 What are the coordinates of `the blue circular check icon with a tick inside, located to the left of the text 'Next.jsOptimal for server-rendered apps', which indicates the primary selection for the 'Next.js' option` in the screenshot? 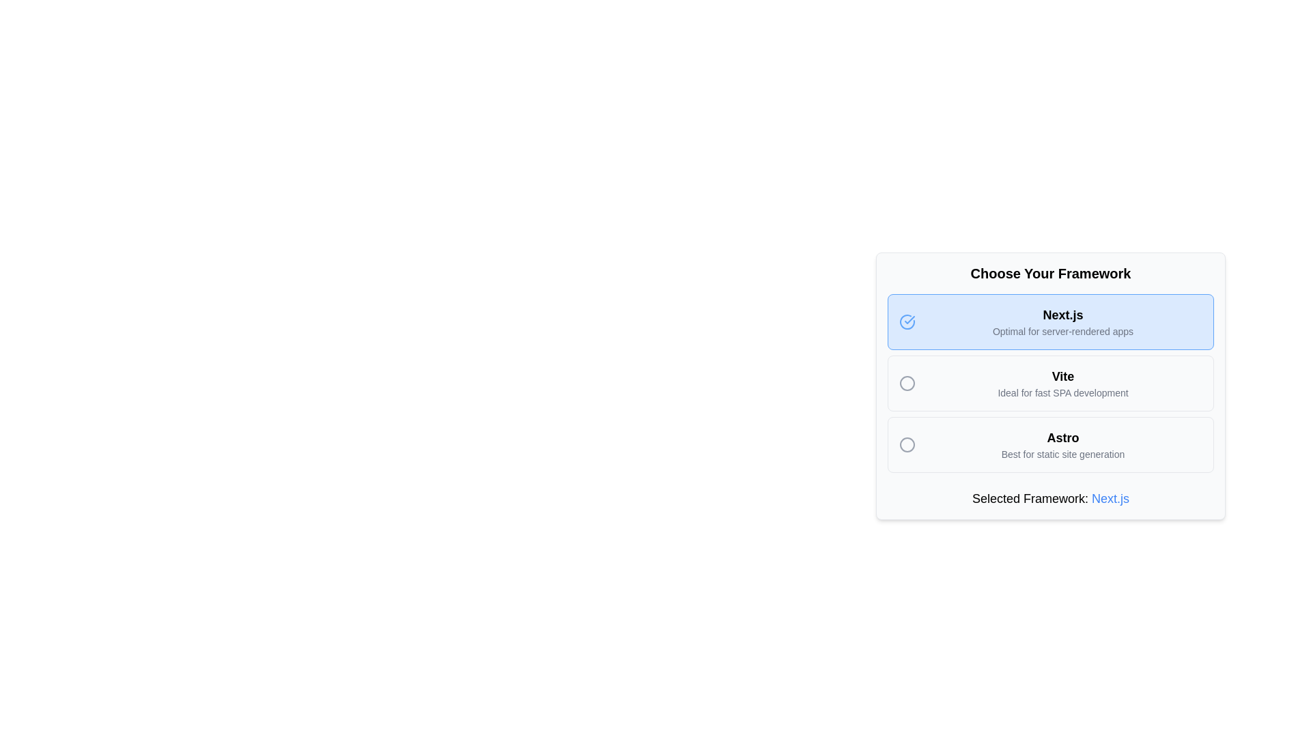 It's located at (911, 321).